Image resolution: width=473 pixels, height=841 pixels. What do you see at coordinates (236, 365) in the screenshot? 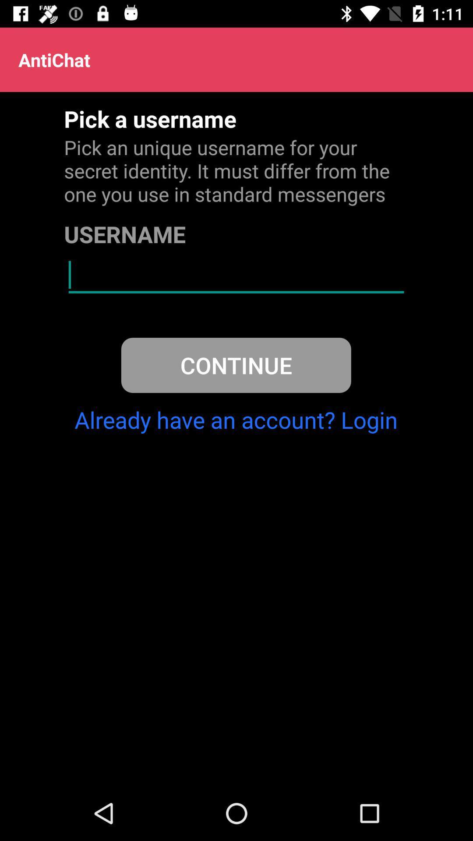
I see `continue icon` at bounding box center [236, 365].